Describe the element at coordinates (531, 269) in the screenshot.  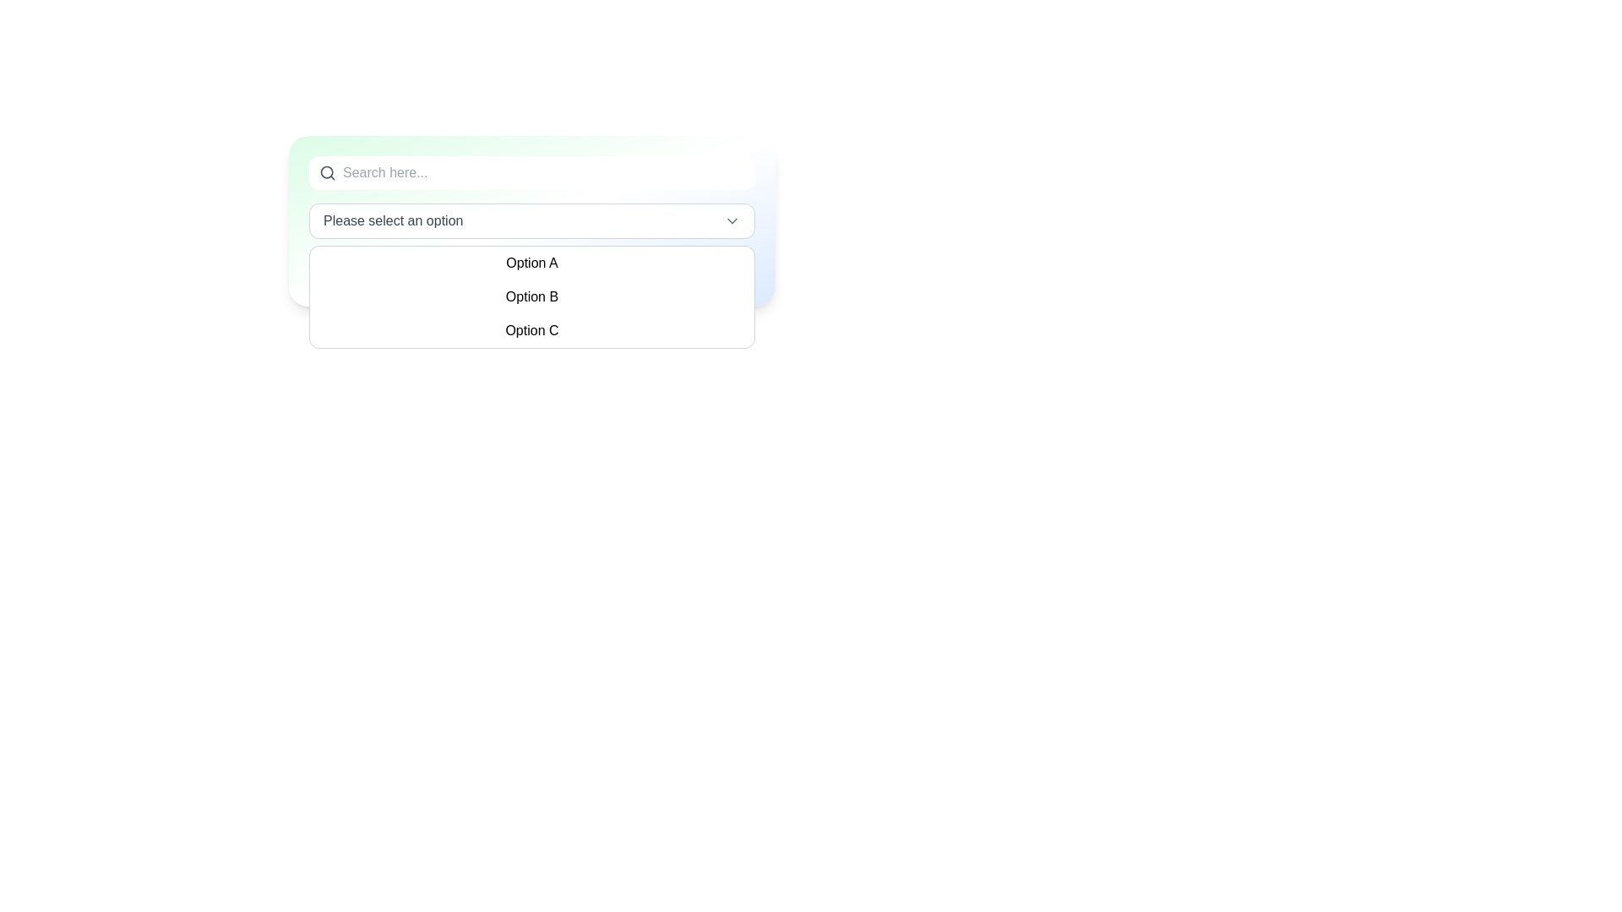
I see `the dropdown option labeled 'Option A' located within the dropdown list under 'Please select an option'` at that location.